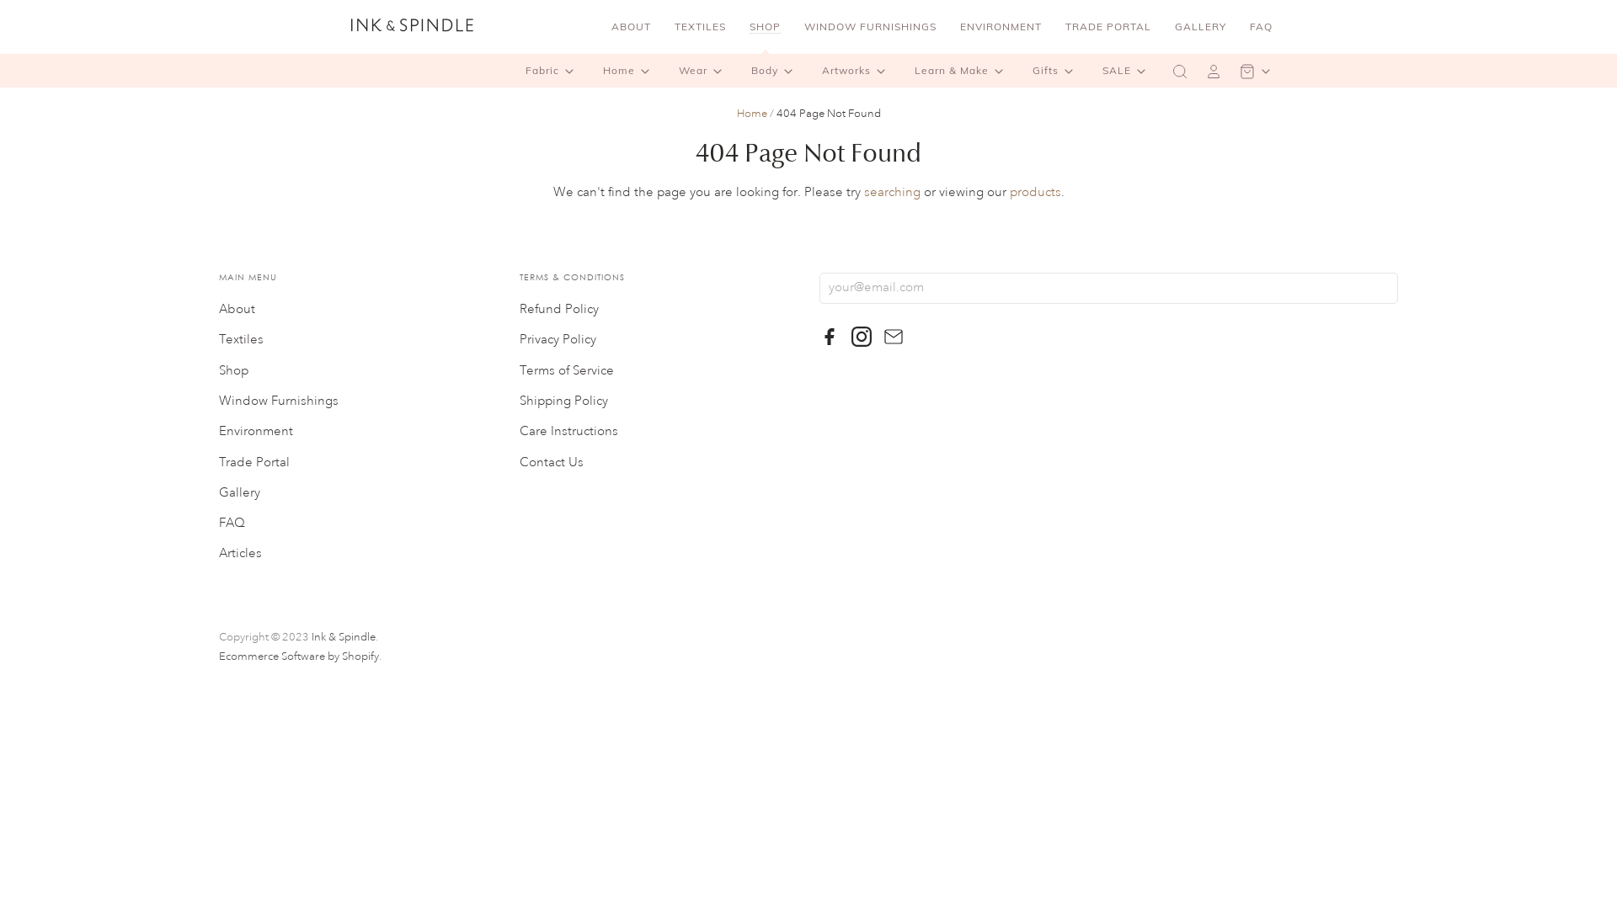 The width and height of the screenshot is (1617, 909). What do you see at coordinates (774, 70) in the screenshot?
I see `'Body'` at bounding box center [774, 70].